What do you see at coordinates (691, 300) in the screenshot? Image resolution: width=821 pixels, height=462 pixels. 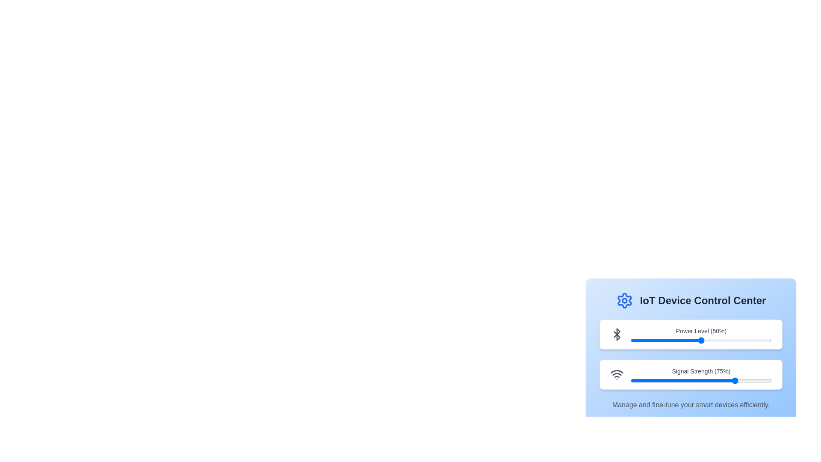 I see `the 'IoT Device Control Center' text` at bounding box center [691, 300].